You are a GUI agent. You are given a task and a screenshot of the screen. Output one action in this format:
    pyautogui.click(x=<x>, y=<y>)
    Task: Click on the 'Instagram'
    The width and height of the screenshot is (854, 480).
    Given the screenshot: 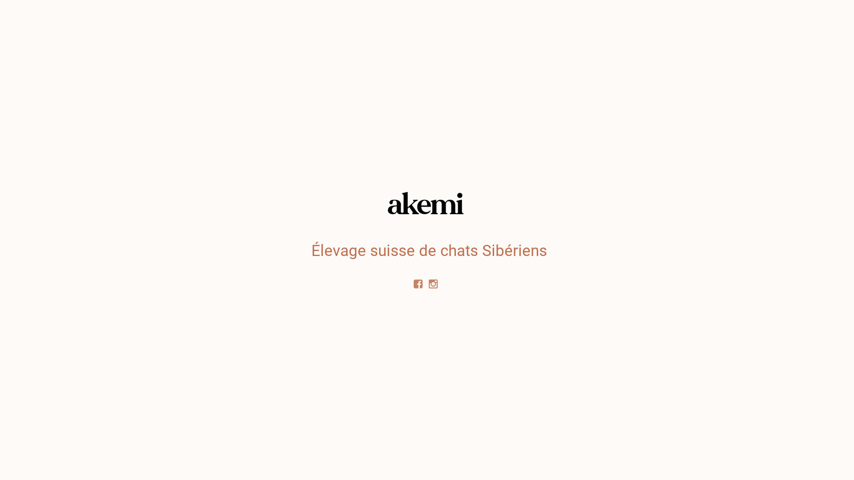 What is the action you would take?
    pyautogui.click(x=435, y=283)
    